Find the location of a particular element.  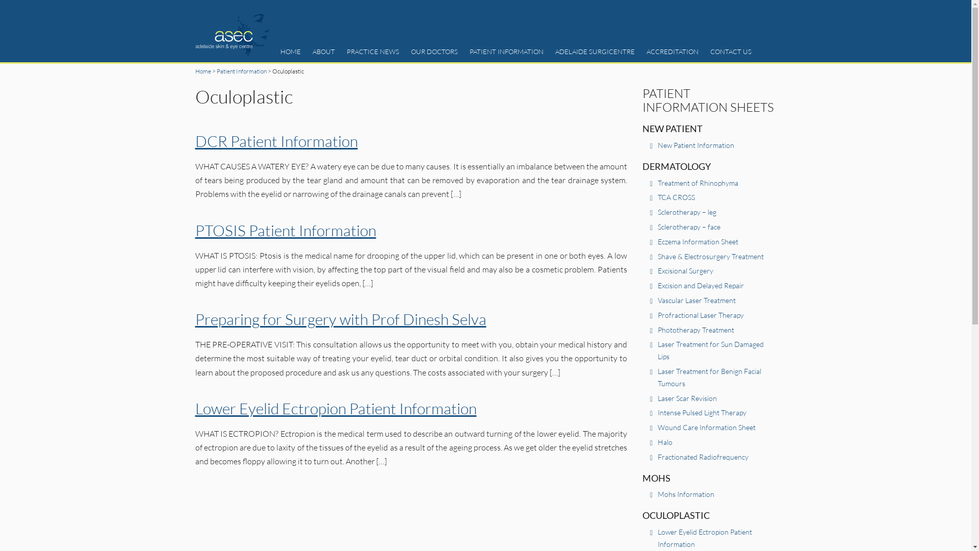

'Laser Treatment for Benign Facial Tumours' is located at coordinates (709, 377).